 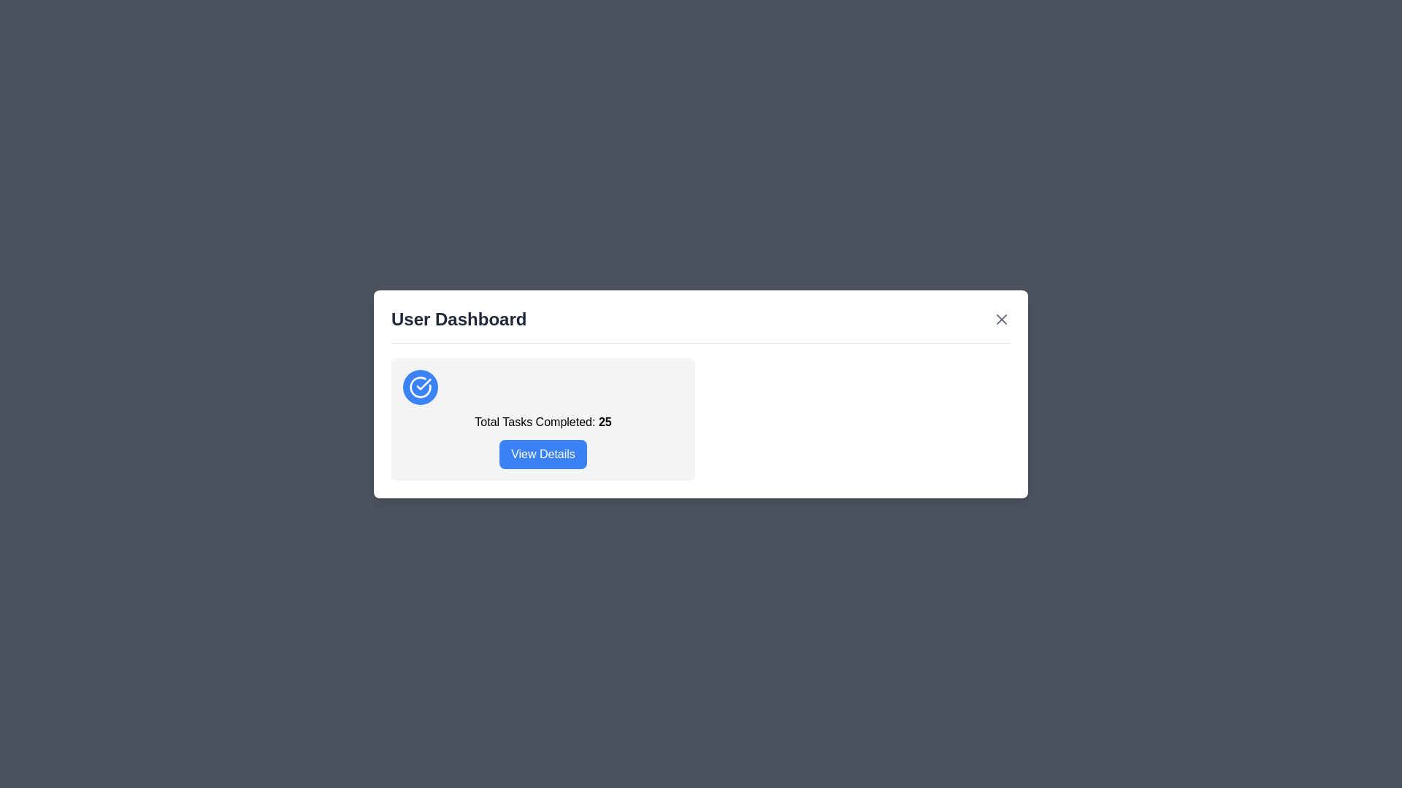 What do you see at coordinates (543, 419) in the screenshot?
I see `the Card component that displays 'Total Tasks Completed: 25' with a blue button labeled 'View Details' at the bottom` at bounding box center [543, 419].